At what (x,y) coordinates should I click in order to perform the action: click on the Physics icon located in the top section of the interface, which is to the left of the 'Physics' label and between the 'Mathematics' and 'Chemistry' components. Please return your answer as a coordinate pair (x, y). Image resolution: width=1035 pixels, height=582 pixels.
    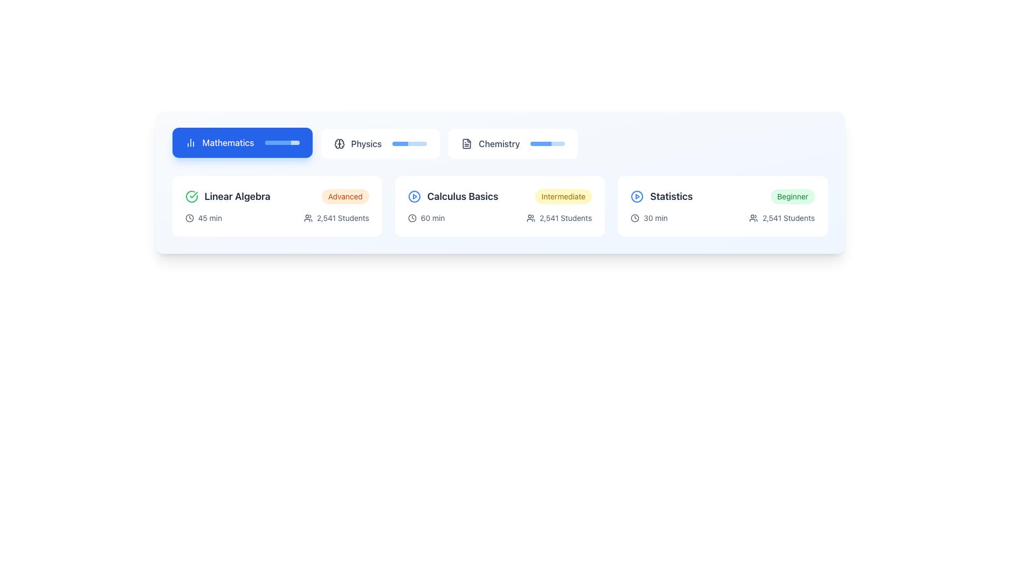
    Looking at the image, I should click on (339, 143).